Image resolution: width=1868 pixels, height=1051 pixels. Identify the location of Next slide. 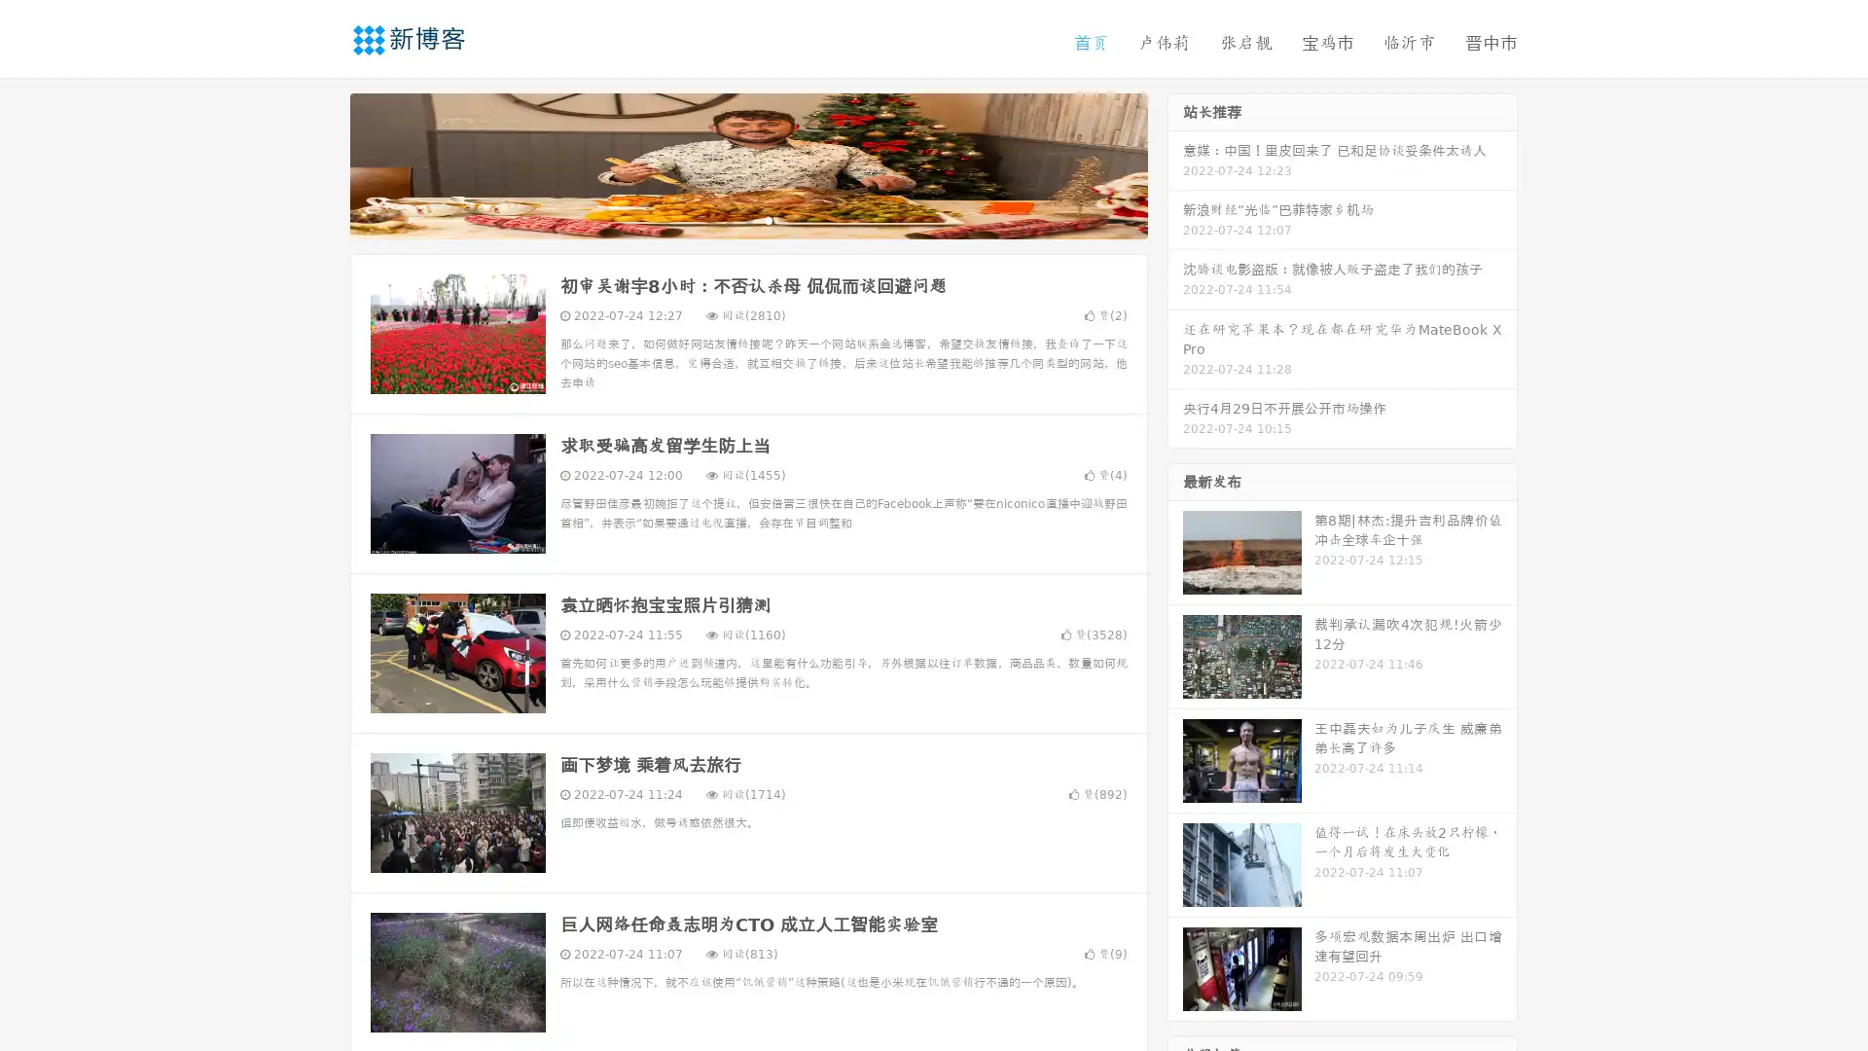
(1175, 163).